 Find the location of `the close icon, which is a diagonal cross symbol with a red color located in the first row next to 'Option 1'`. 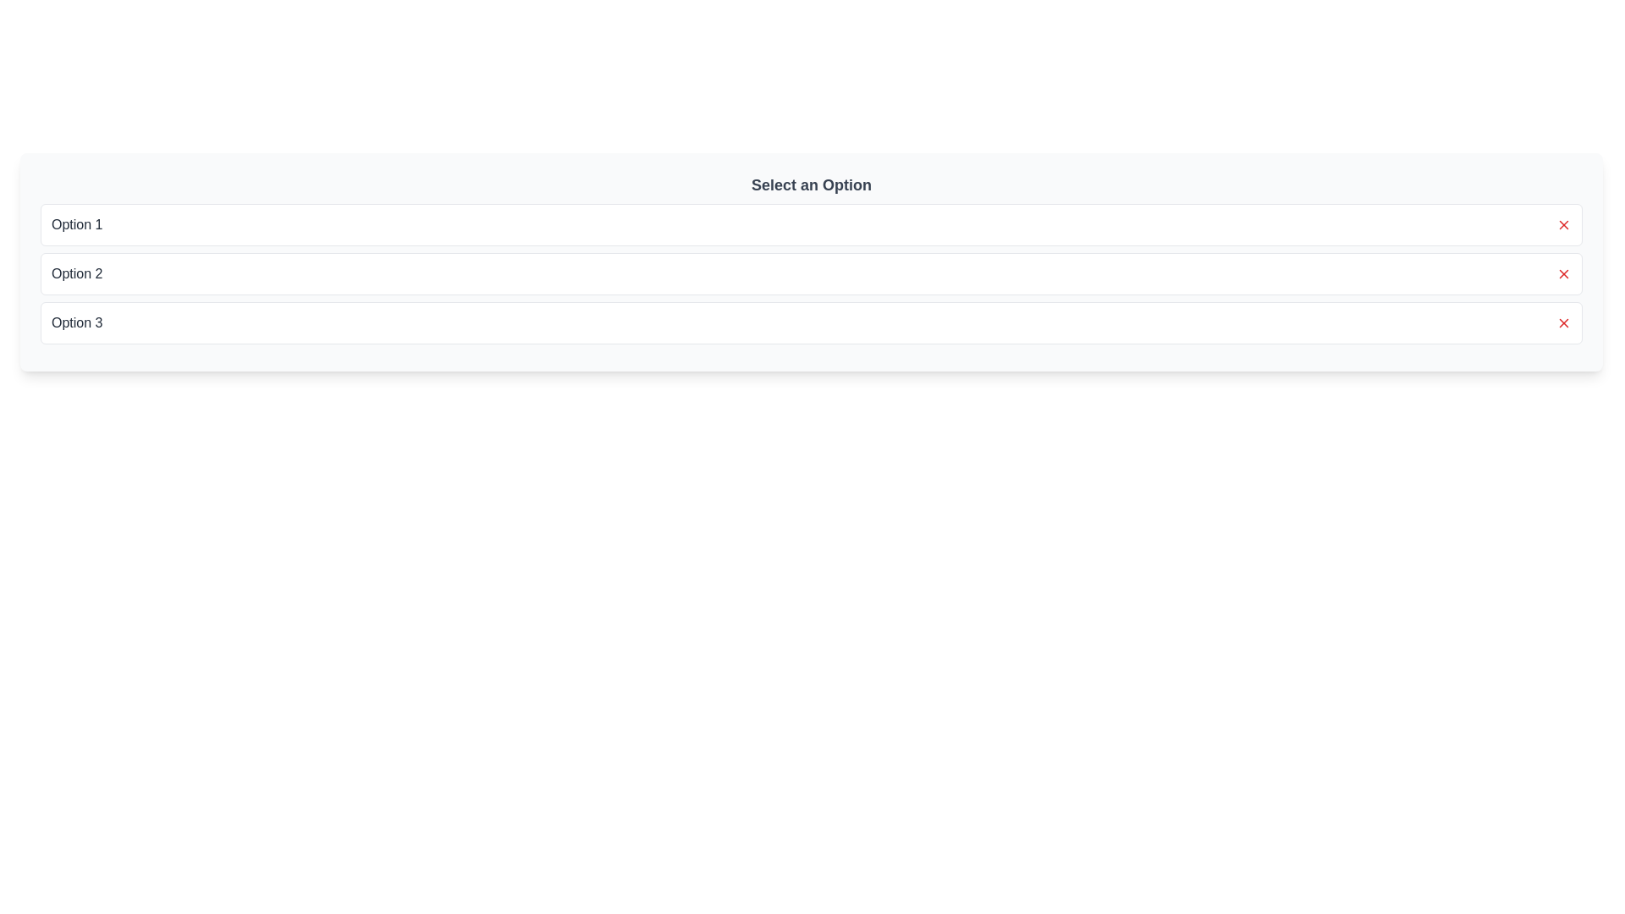

the close icon, which is a diagonal cross symbol with a red color located in the first row next to 'Option 1' is located at coordinates (1563, 224).